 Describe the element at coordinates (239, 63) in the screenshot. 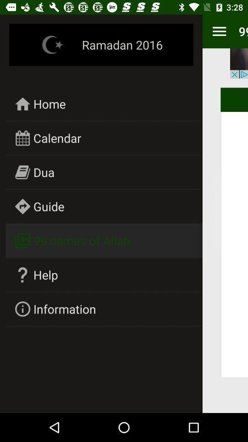

I see `watch advertisement` at that location.